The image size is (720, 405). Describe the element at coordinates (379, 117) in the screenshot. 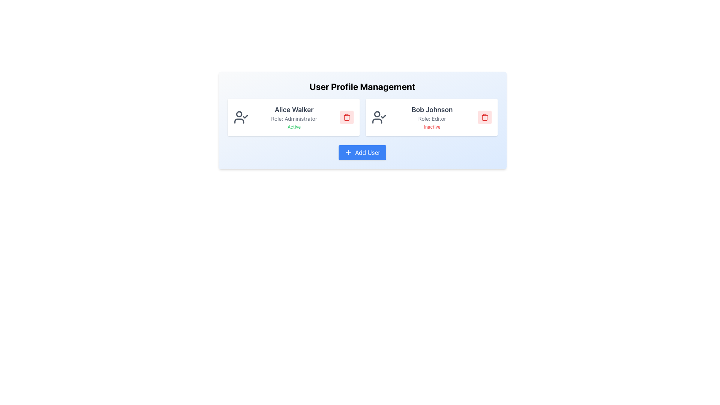

I see `the user verification icon located to the left of the text 'Bob Johnson Role: Editor Inactive', positioned above the 'Add User' button` at that location.